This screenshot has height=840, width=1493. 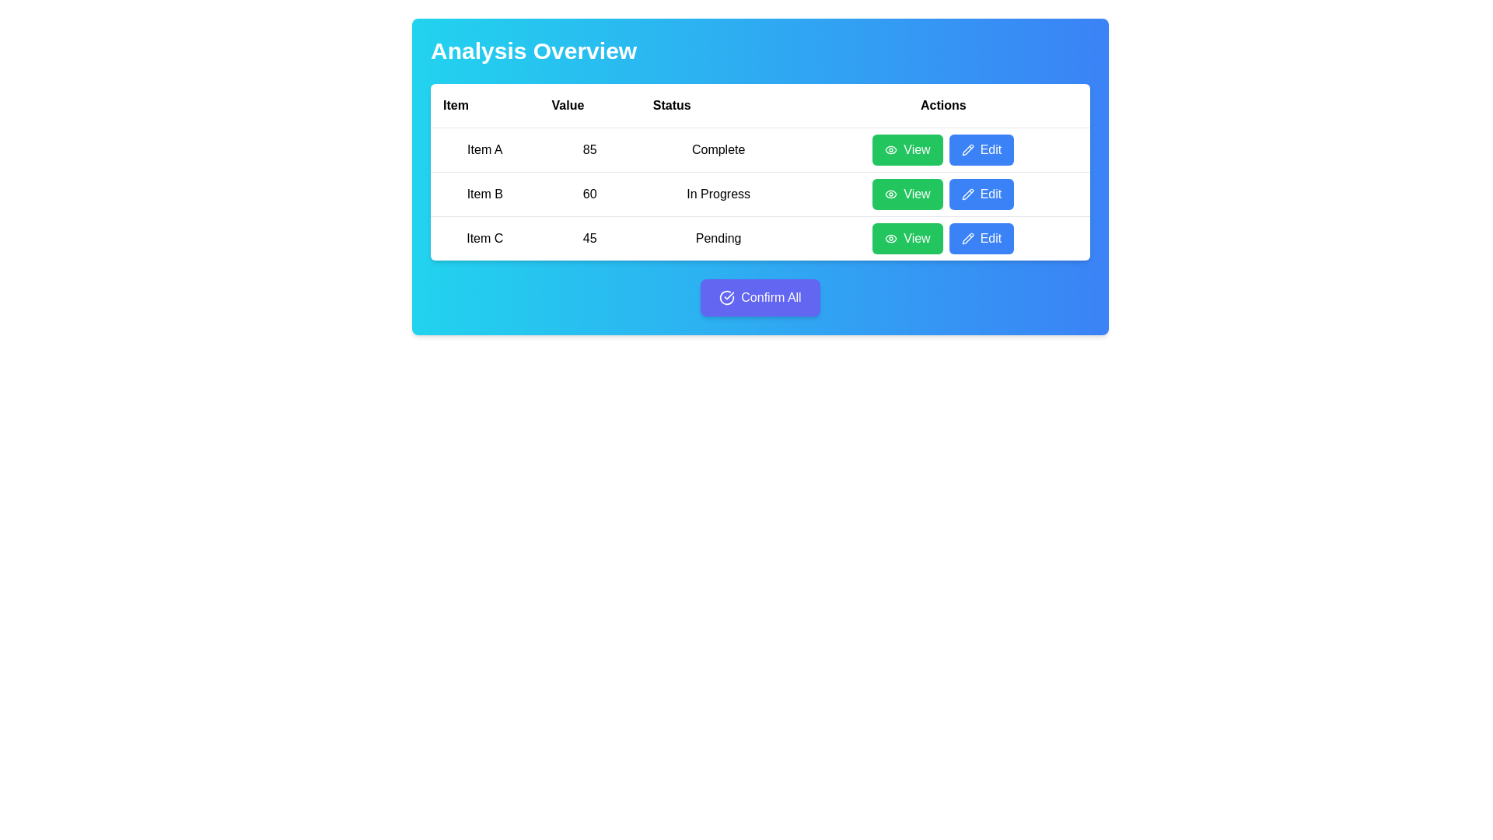 I want to click on the second 'Edit' button in the 'Actions' column corresponding to 'Item B', so click(x=981, y=194).